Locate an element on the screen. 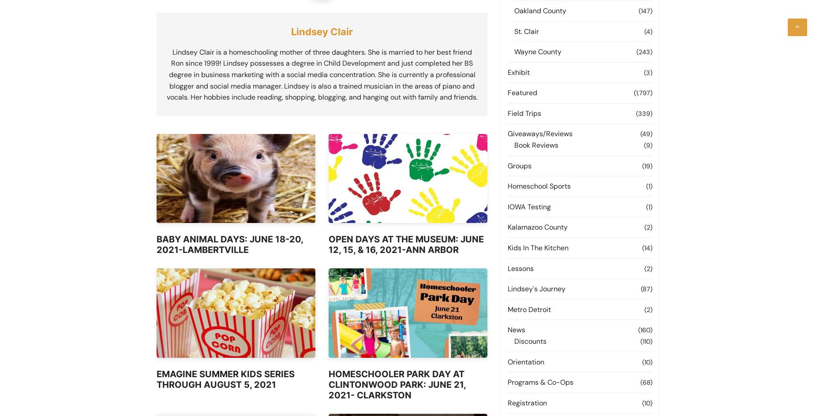  'Wayne County' is located at coordinates (537, 51).